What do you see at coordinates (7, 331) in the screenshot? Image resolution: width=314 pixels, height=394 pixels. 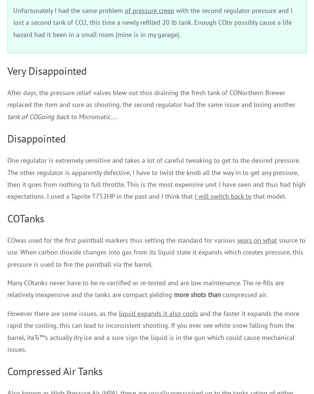 I see `'and the faster it expands the more rapid the cooling, this can lead to inconsistent shooting. If you ever see white snow falling from the barrel, itвЂ™s actually dry ice and a sure sign the liquid is in the gun which could cause mechanical issues.'` at bounding box center [7, 331].